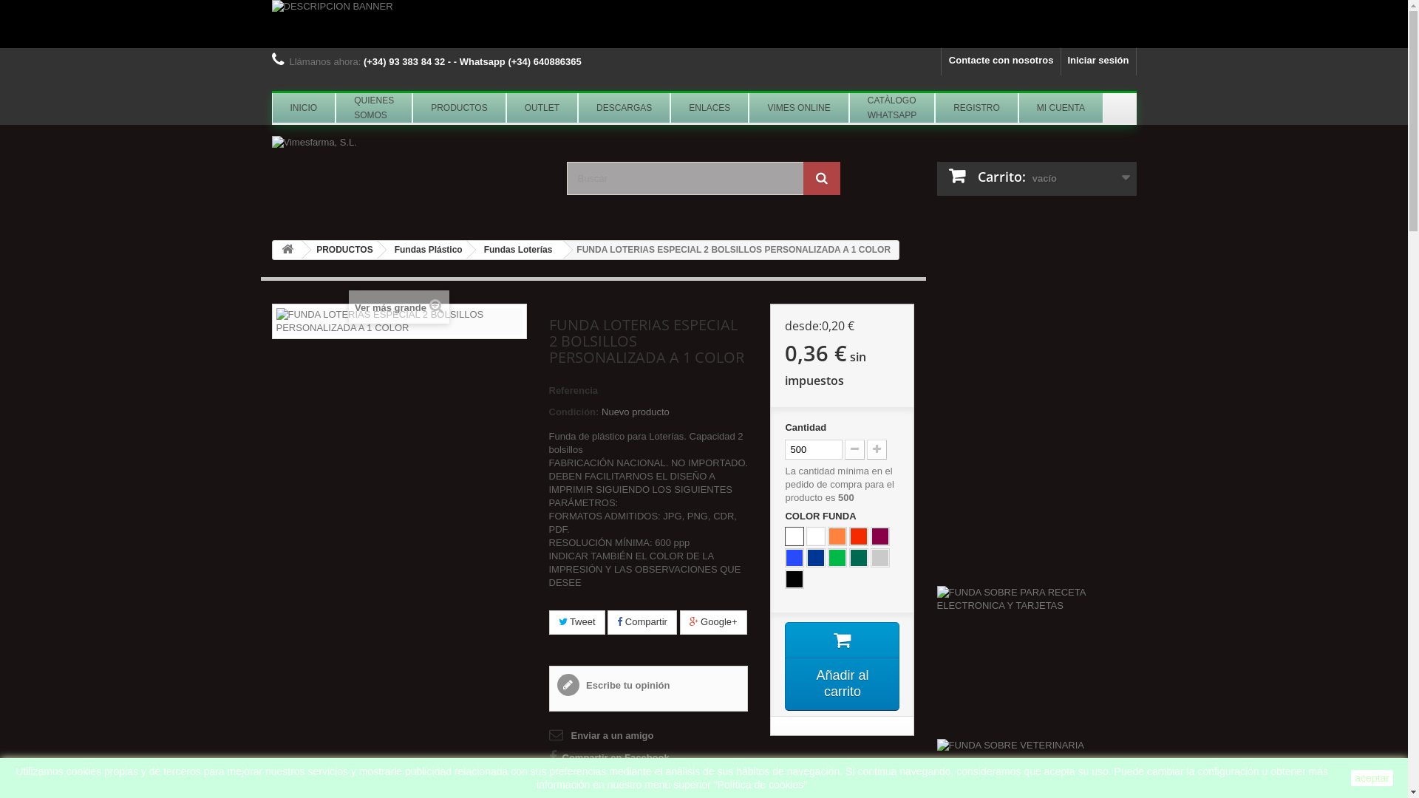 This screenshot has width=1419, height=798. Describe the element at coordinates (1001, 61) in the screenshot. I see `'Contacte con nosotros'` at that location.